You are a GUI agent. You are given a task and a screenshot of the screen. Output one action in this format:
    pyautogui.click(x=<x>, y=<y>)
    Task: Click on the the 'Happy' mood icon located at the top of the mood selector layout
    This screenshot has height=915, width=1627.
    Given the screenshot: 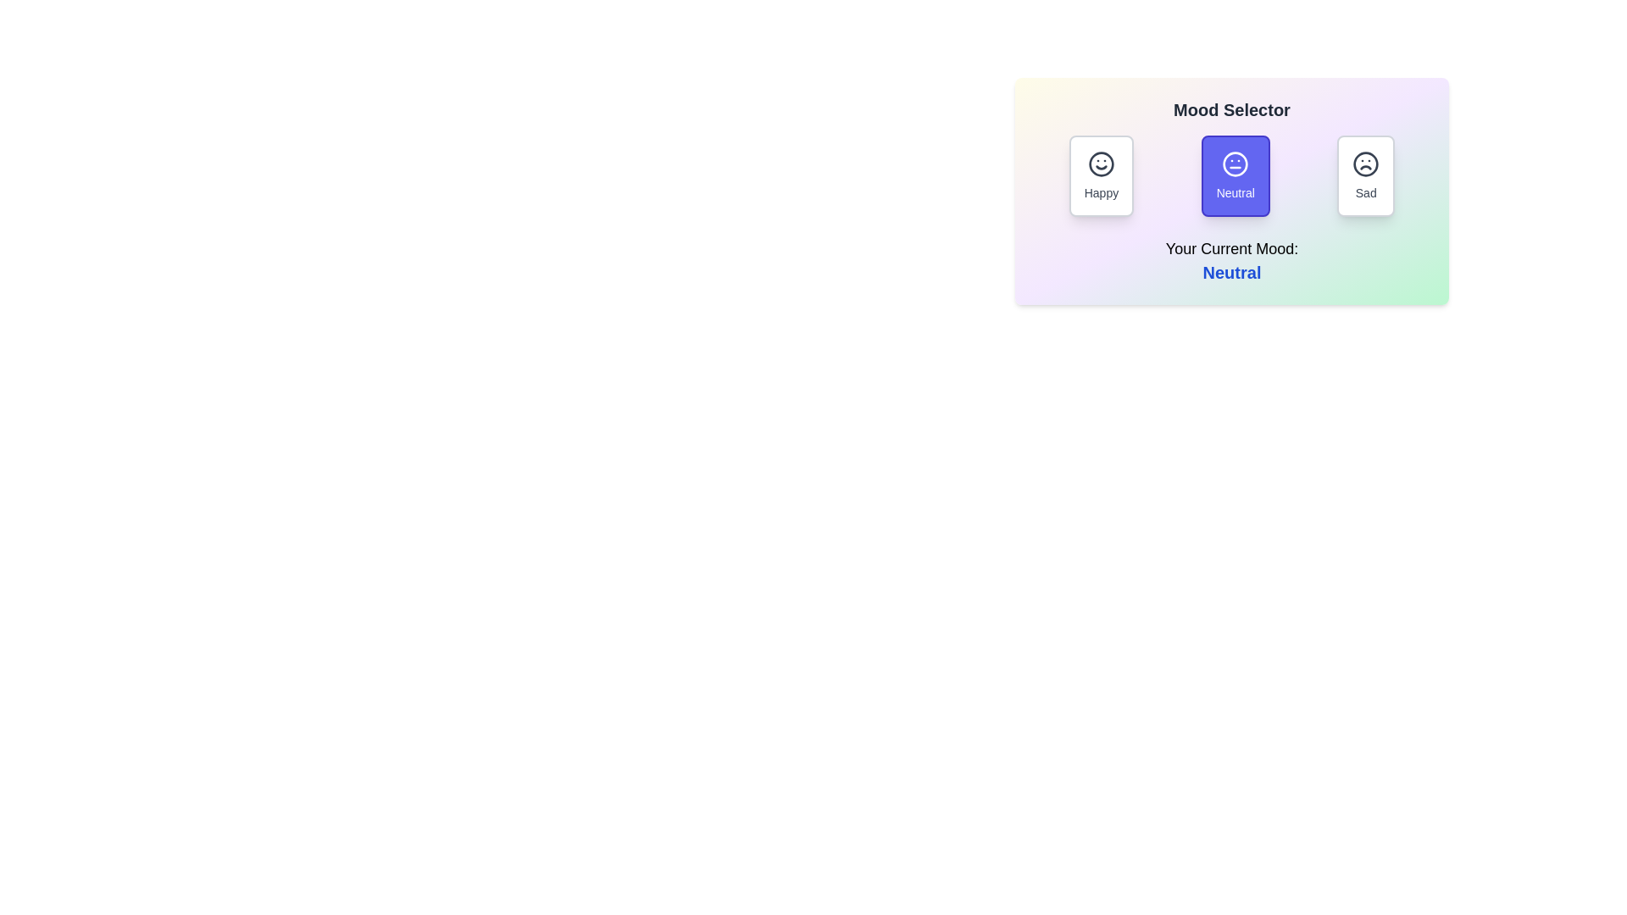 What is the action you would take?
    pyautogui.click(x=1102, y=164)
    